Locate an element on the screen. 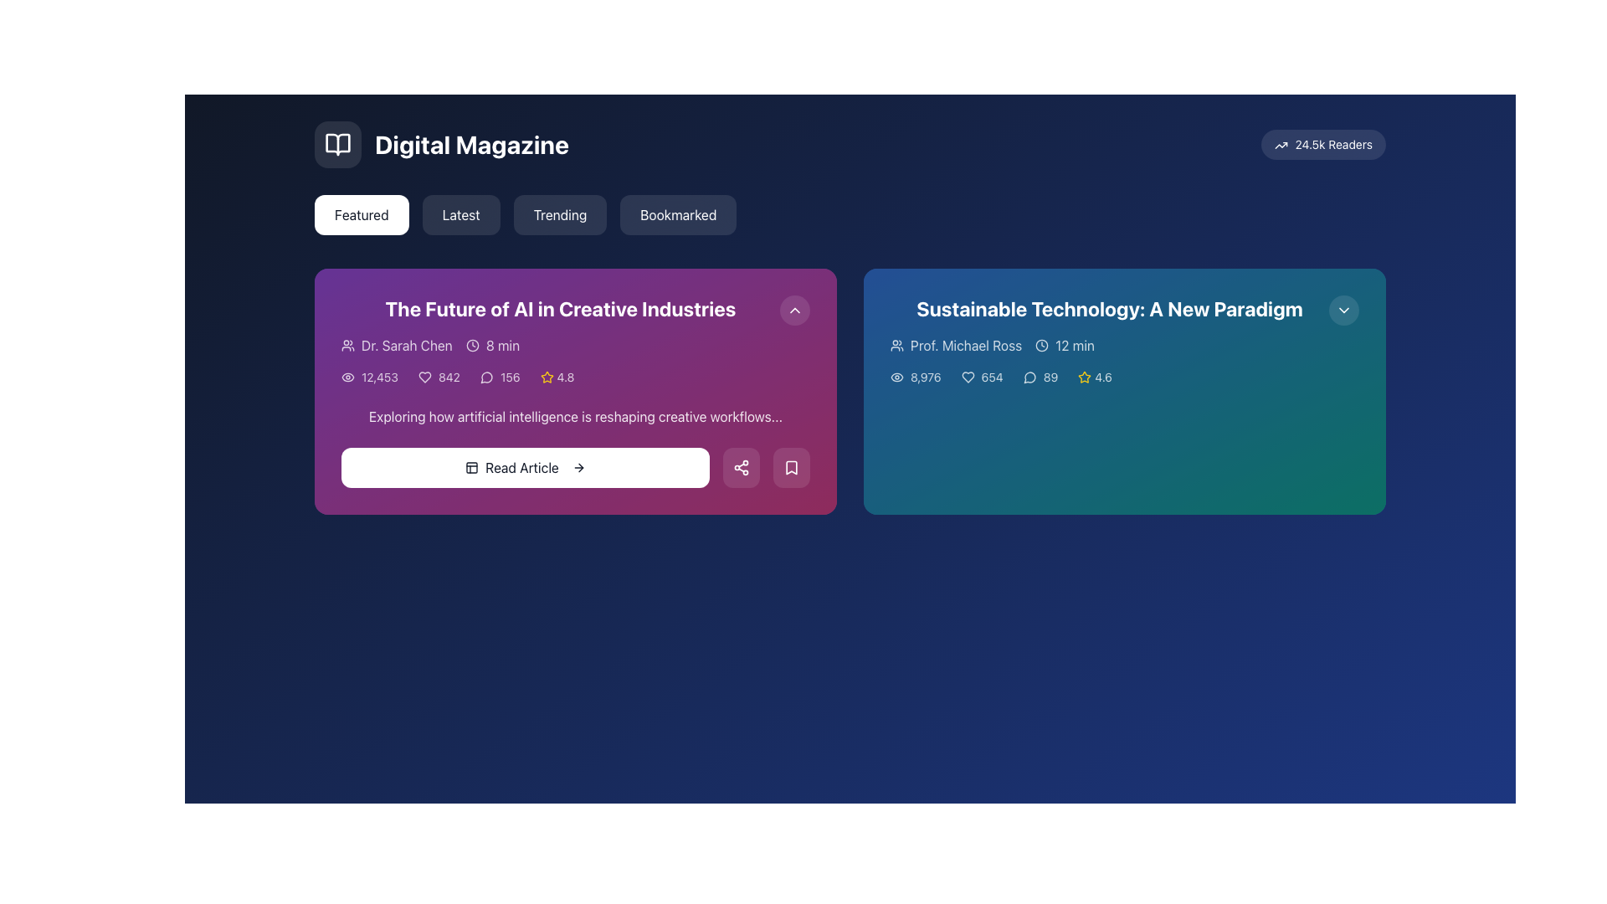 This screenshot has height=904, width=1607. the bookmark filter button, which is the fourth option in the navigation bar under the page title 'Digital Magazine' is located at coordinates (678, 214).